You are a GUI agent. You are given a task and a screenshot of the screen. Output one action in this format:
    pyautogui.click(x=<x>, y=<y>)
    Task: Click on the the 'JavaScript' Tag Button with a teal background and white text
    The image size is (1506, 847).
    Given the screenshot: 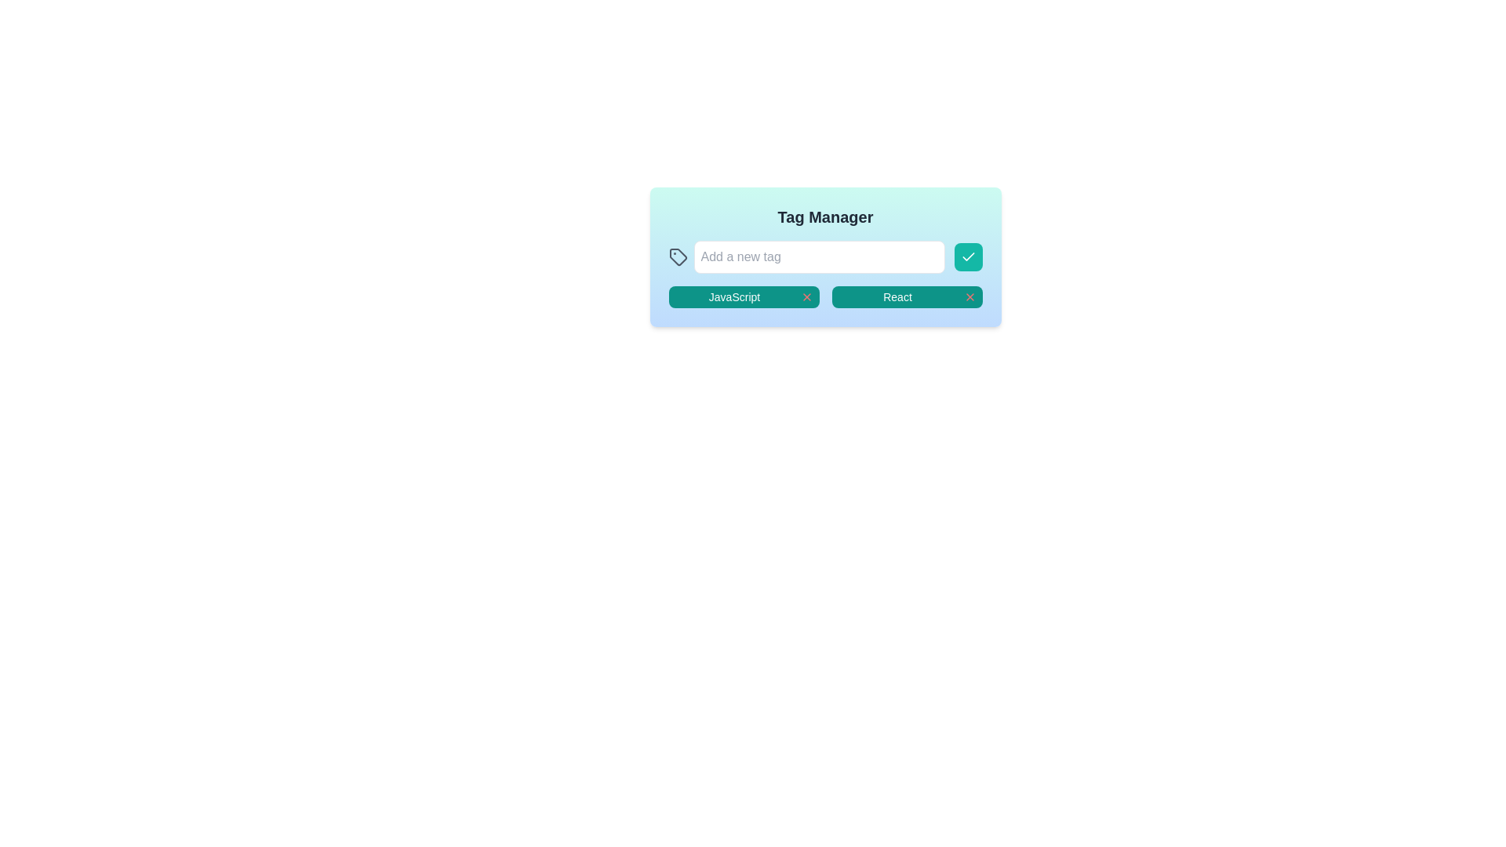 What is the action you would take?
    pyautogui.click(x=743, y=296)
    